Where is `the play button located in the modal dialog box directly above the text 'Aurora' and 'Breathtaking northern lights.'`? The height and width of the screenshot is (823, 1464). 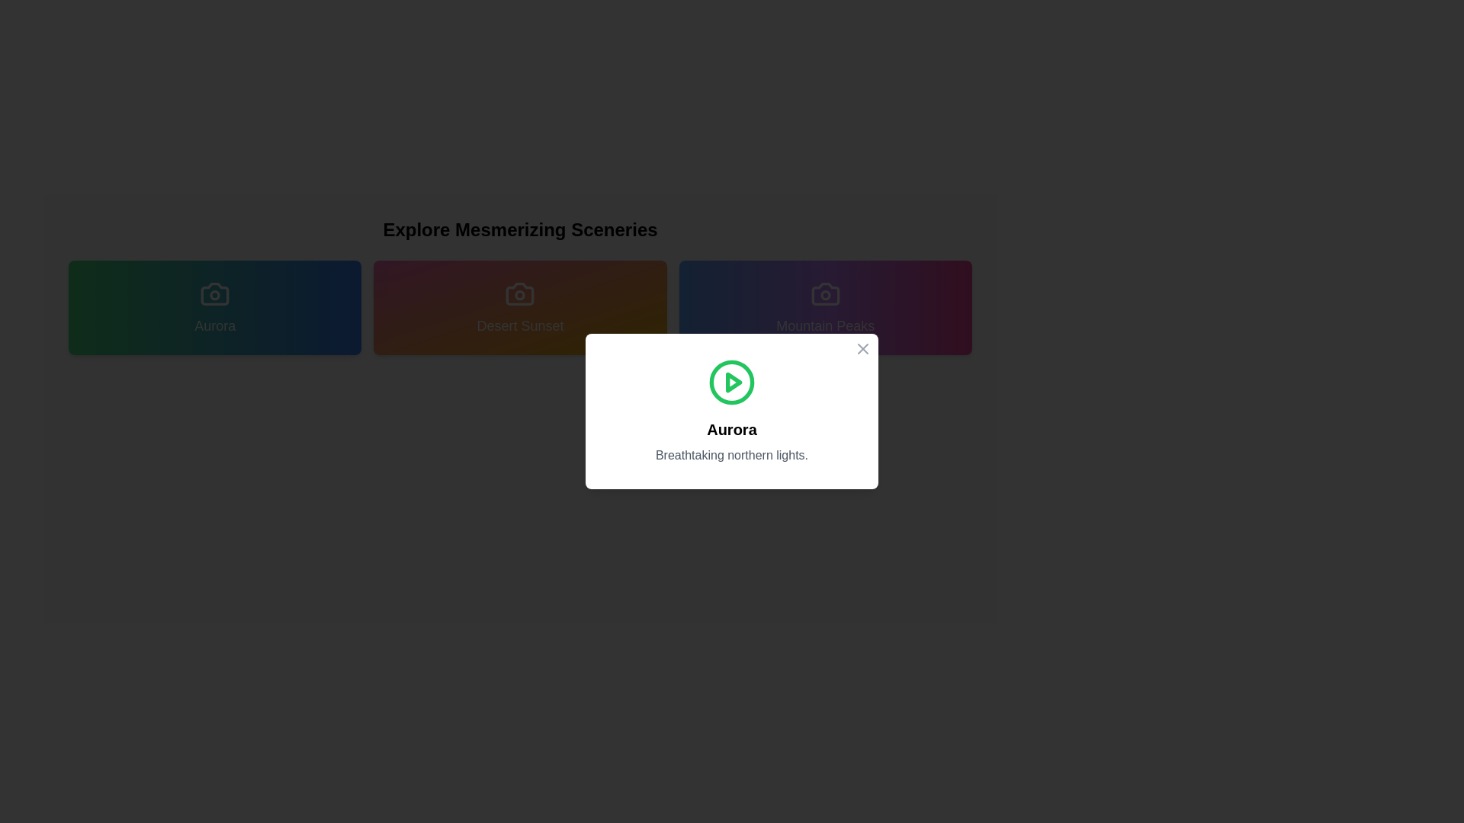
the play button located in the modal dialog box directly above the text 'Aurora' and 'Breathtaking northern lights.' is located at coordinates (732, 381).